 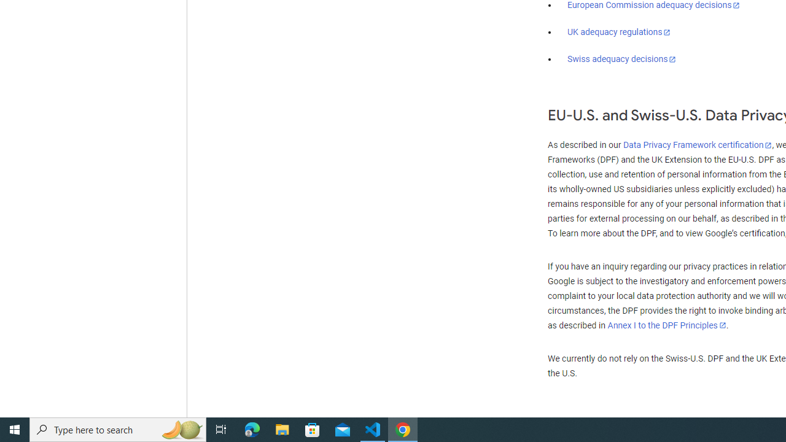 What do you see at coordinates (698, 145) in the screenshot?
I see `'Data Privacy Framework certification'` at bounding box center [698, 145].